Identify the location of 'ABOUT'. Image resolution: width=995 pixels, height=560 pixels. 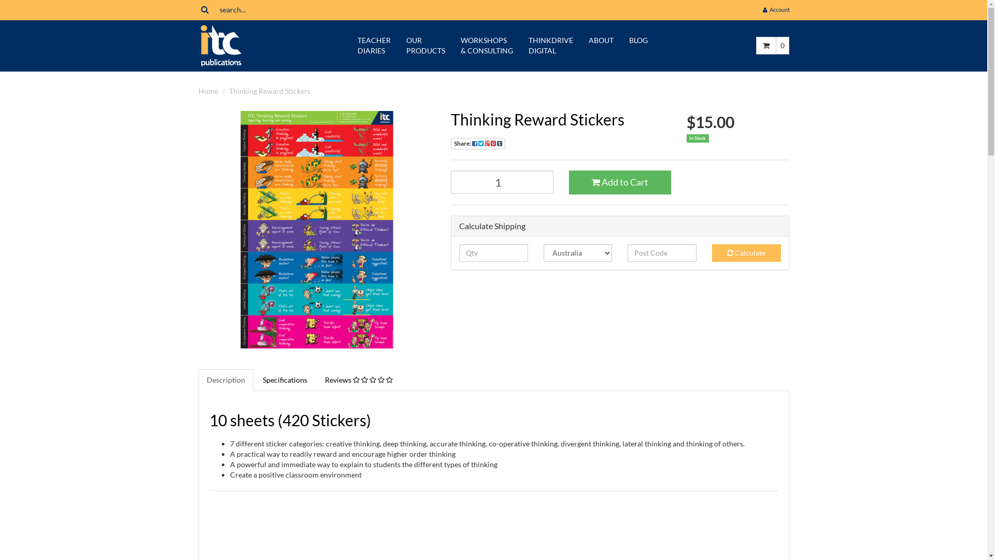
(601, 39).